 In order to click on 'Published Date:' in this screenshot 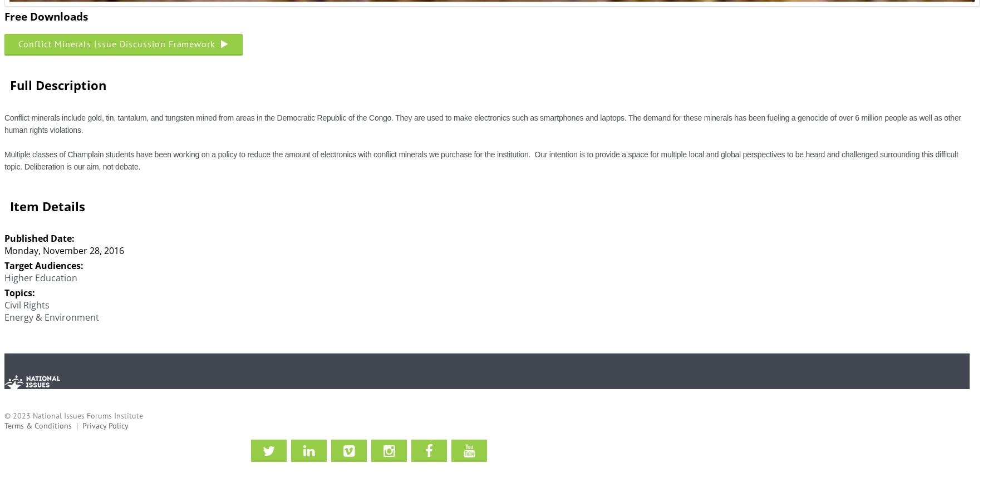, I will do `click(40, 237)`.